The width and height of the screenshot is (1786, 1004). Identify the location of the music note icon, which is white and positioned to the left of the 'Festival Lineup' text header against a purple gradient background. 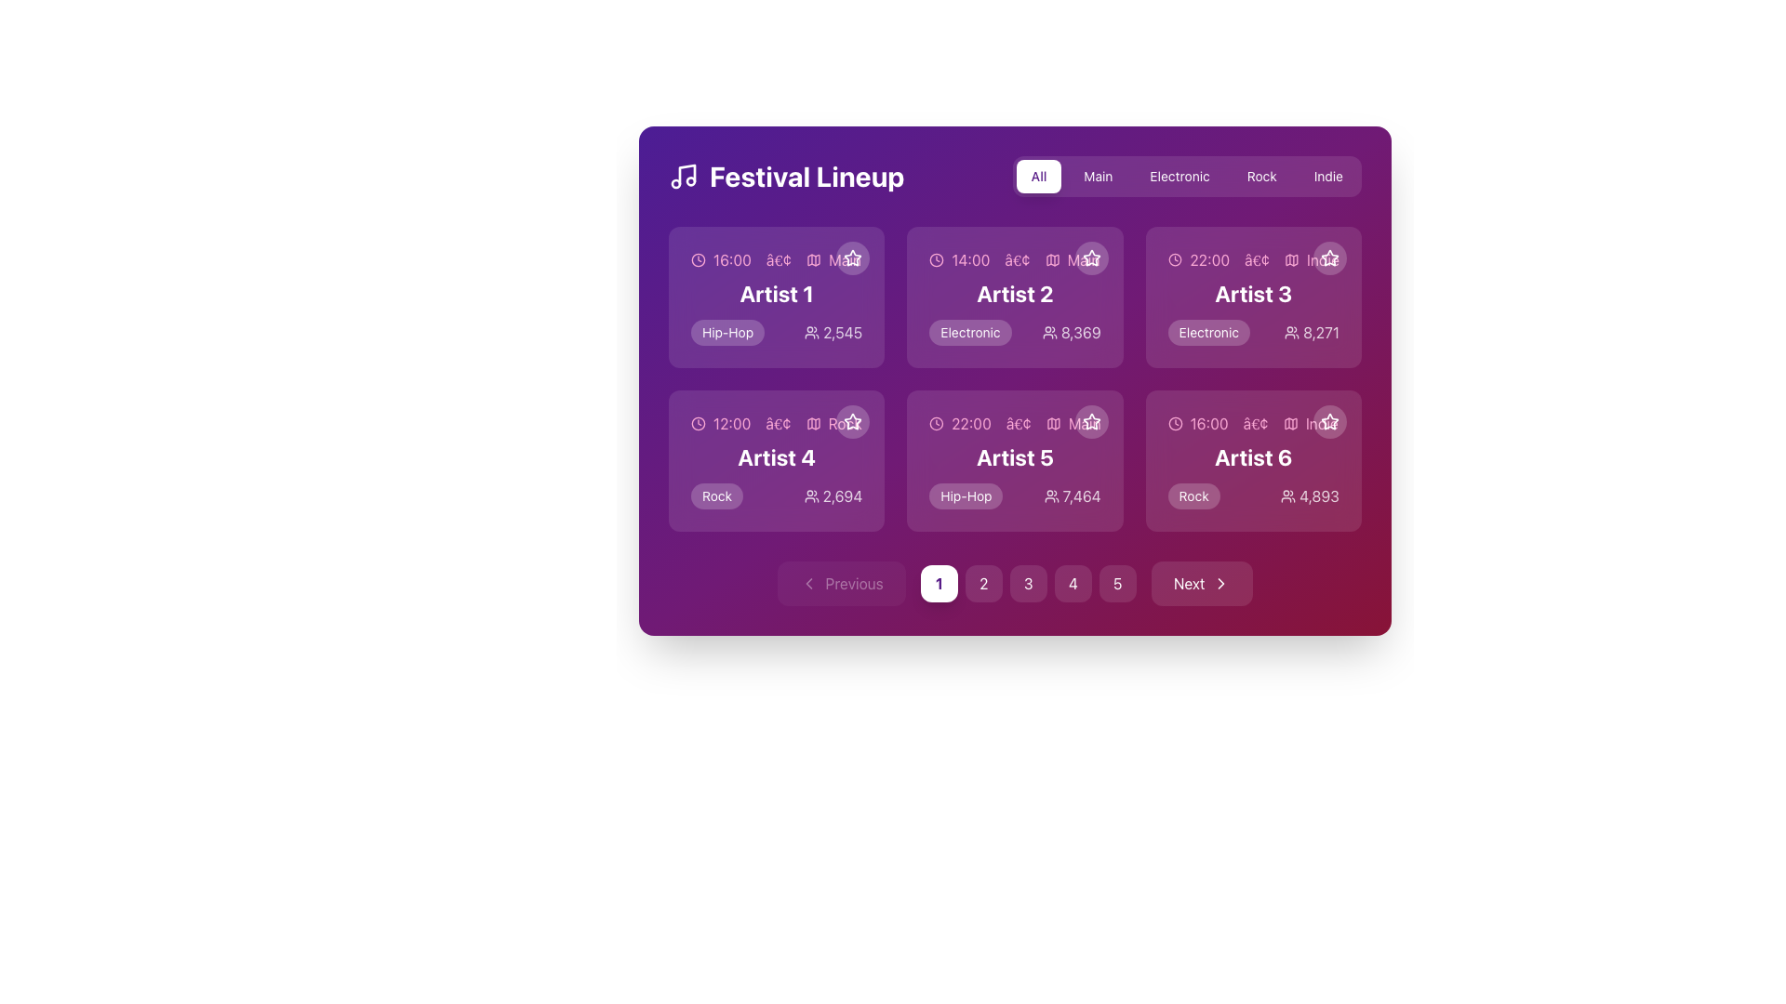
(682, 176).